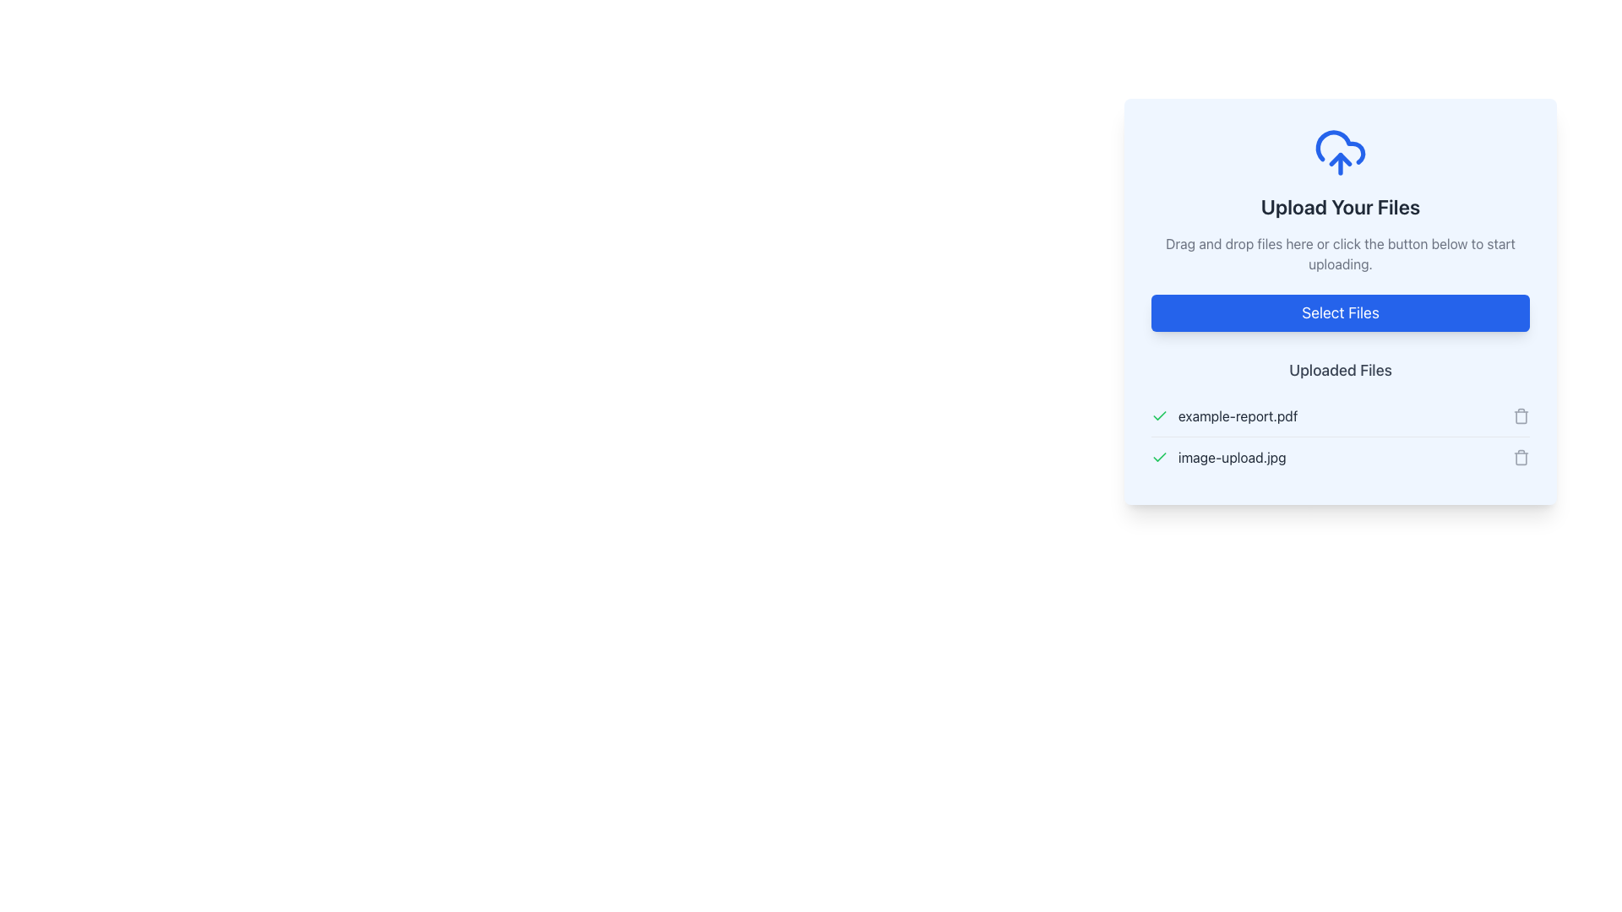  Describe the element at coordinates (1340, 370) in the screenshot. I see `the 'Uploaded Files' text label, which is styled in a large gray font and serves as a header for the uploaded files list` at that location.